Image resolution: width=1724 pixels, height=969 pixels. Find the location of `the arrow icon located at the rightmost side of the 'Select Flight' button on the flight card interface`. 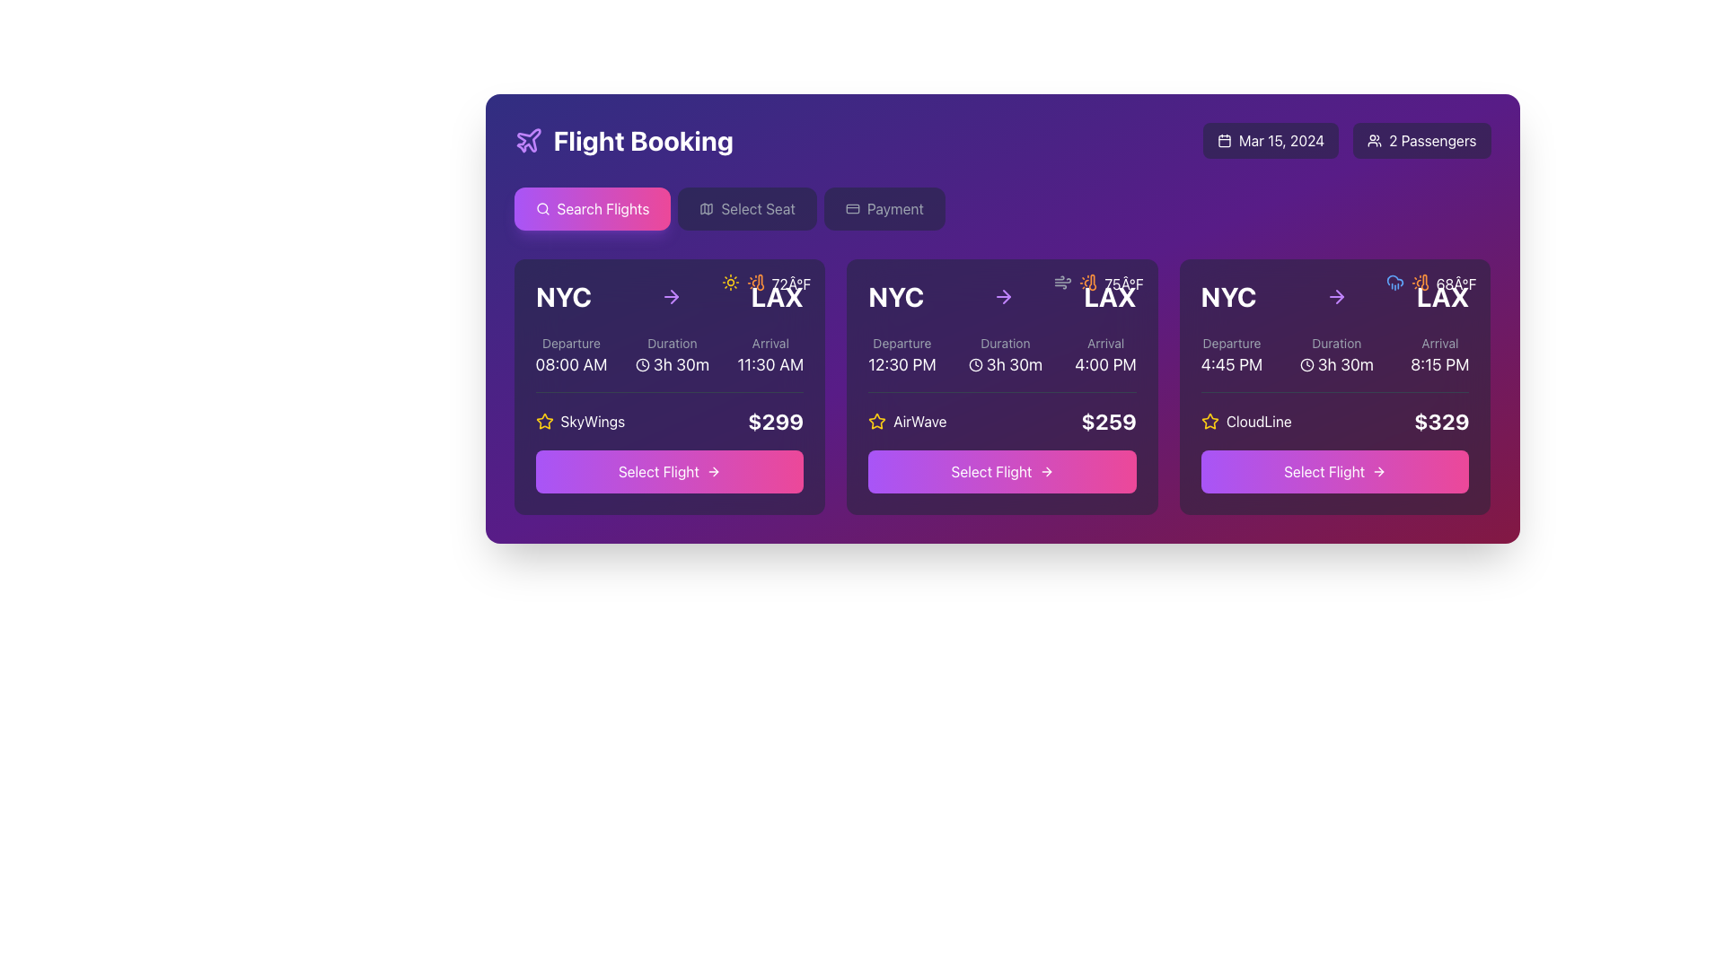

the arrow icon located at the rightmost side of the 'Select Flight' button on the flight card interface is located at coordinates (712, 470).